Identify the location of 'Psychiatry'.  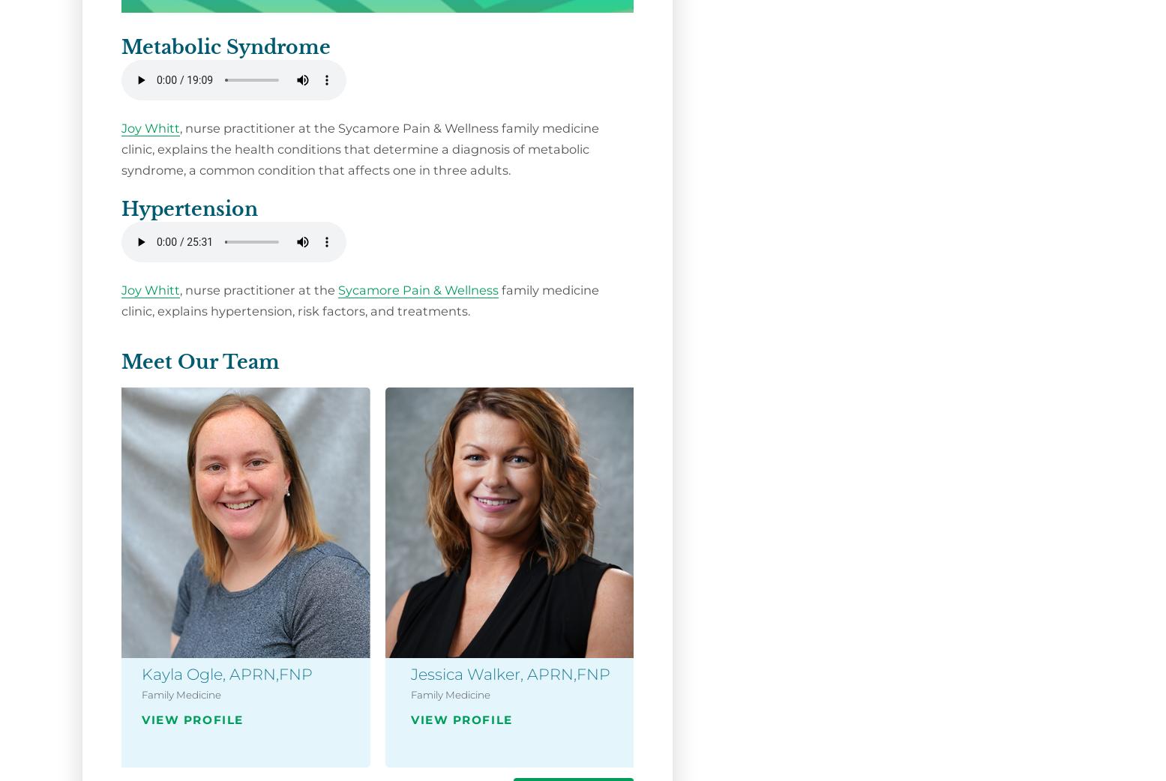
(973, 723).